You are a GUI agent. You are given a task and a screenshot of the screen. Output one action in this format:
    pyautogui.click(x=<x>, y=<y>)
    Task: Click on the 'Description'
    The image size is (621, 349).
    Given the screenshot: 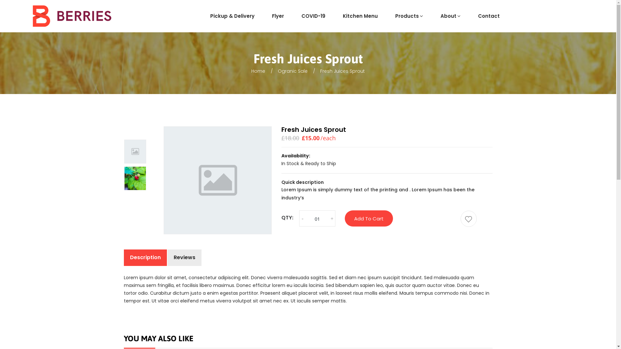 What is the action you would take?
    pyautogui.click(x=124, y=257)
    